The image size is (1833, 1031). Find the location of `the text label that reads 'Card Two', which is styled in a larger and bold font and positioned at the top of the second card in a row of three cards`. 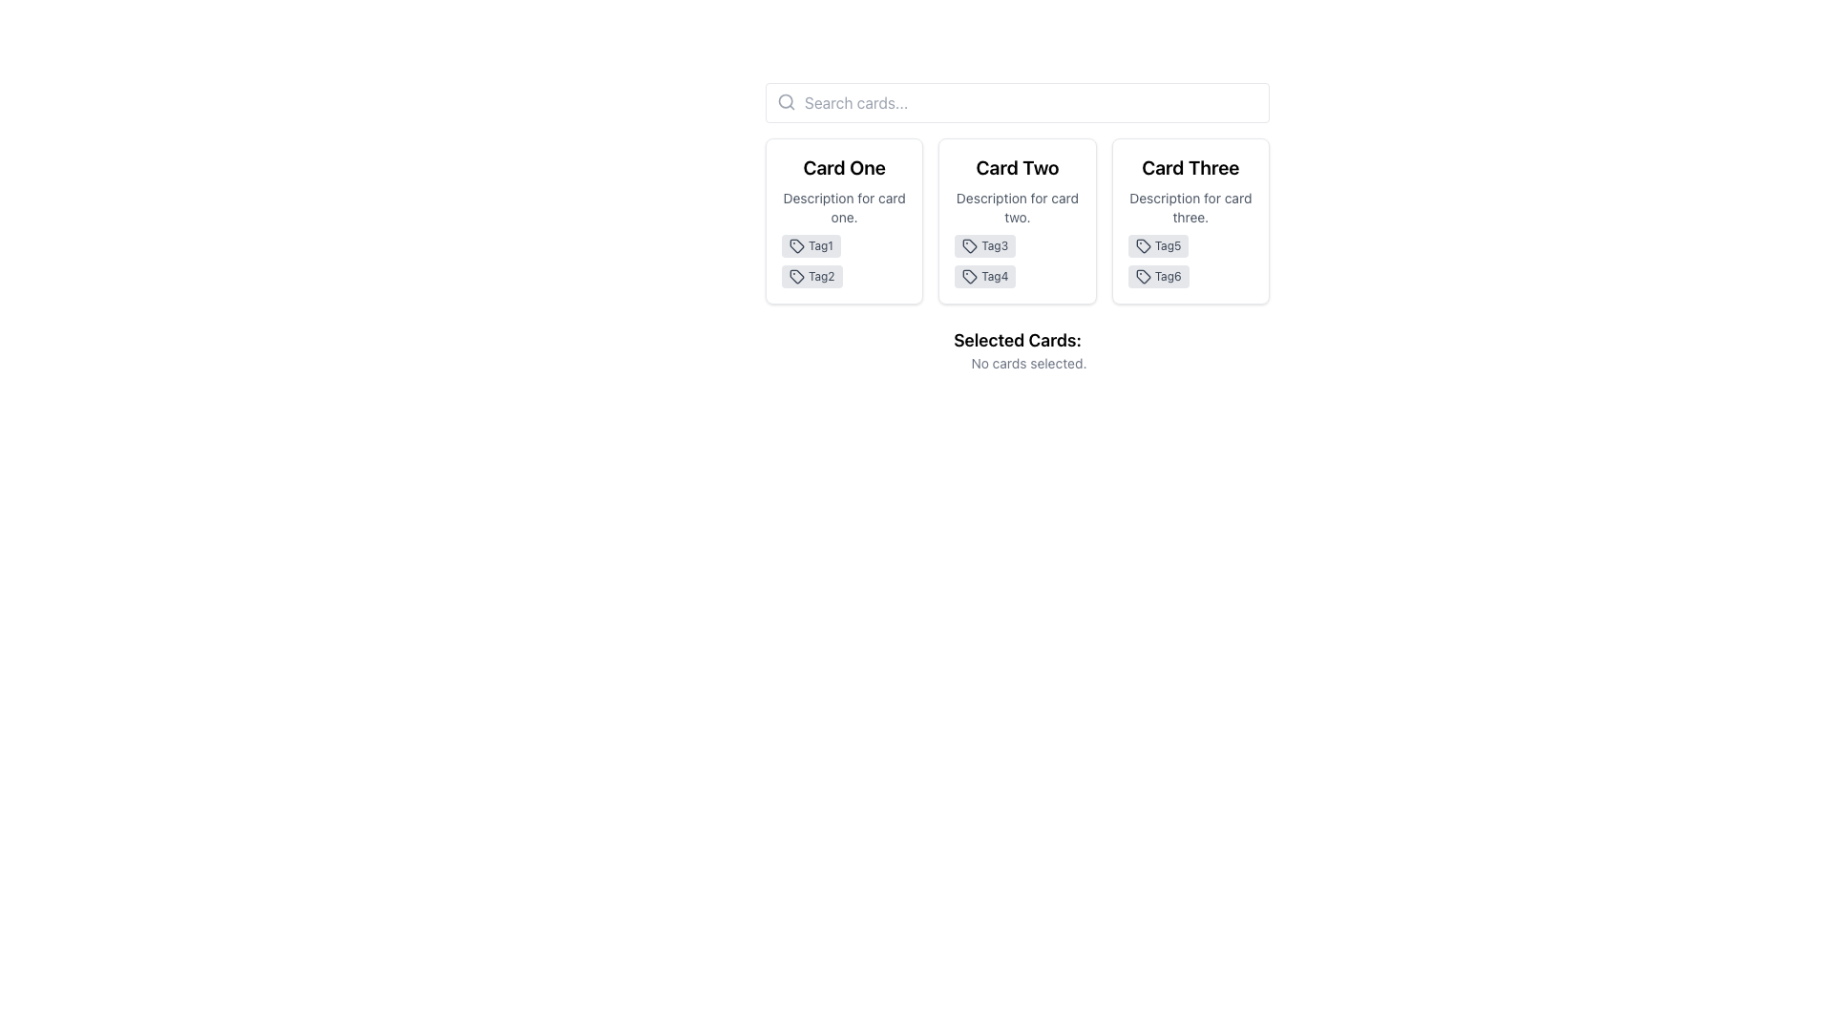

the text label that reads 'Card Two', which is styled in a larger and bold font and positioned at the top of the second card in a row of three cards is located at coordinates (1016, 167).